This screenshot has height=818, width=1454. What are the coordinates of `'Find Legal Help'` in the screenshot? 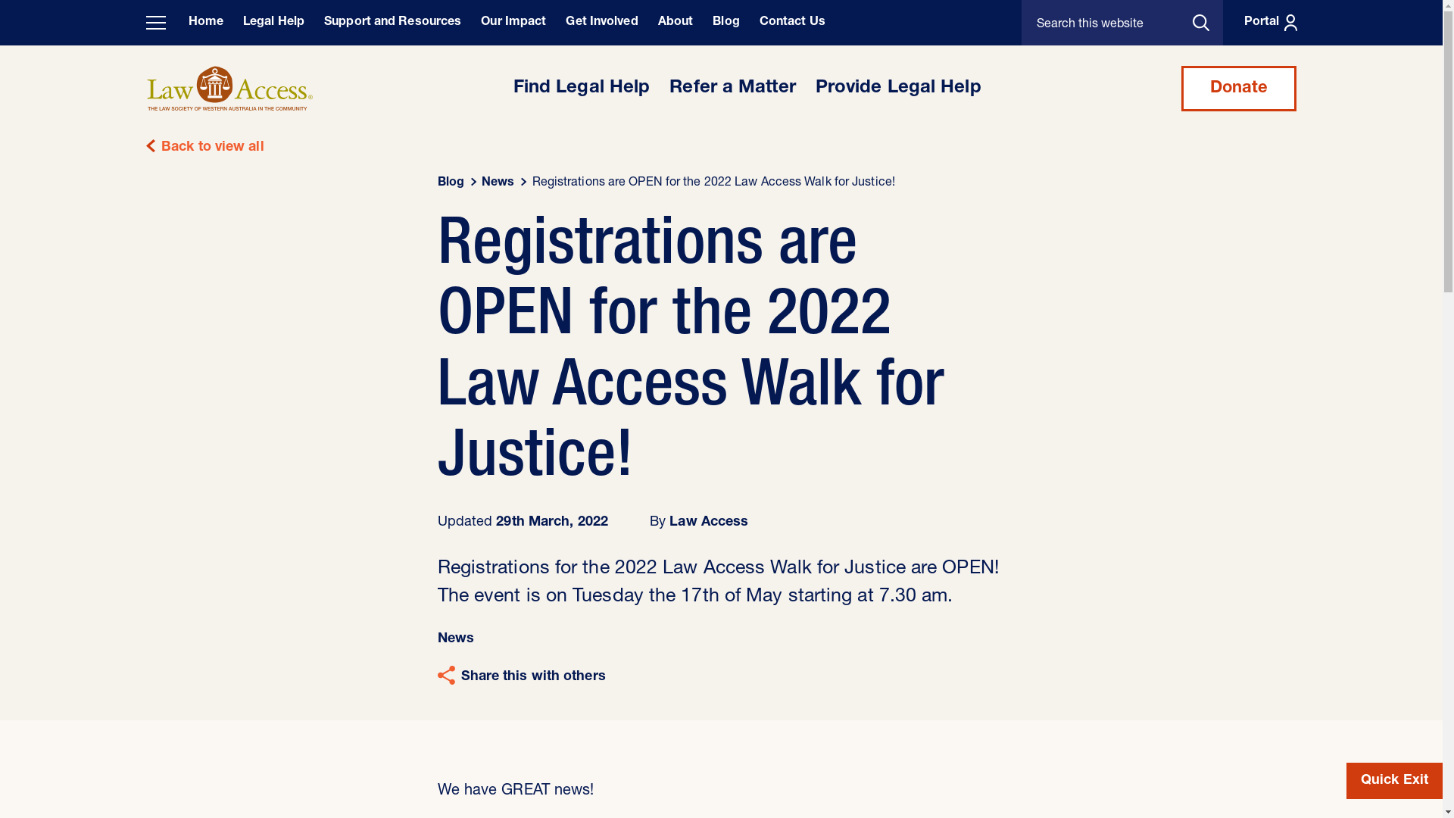 It's located at (581, 88).